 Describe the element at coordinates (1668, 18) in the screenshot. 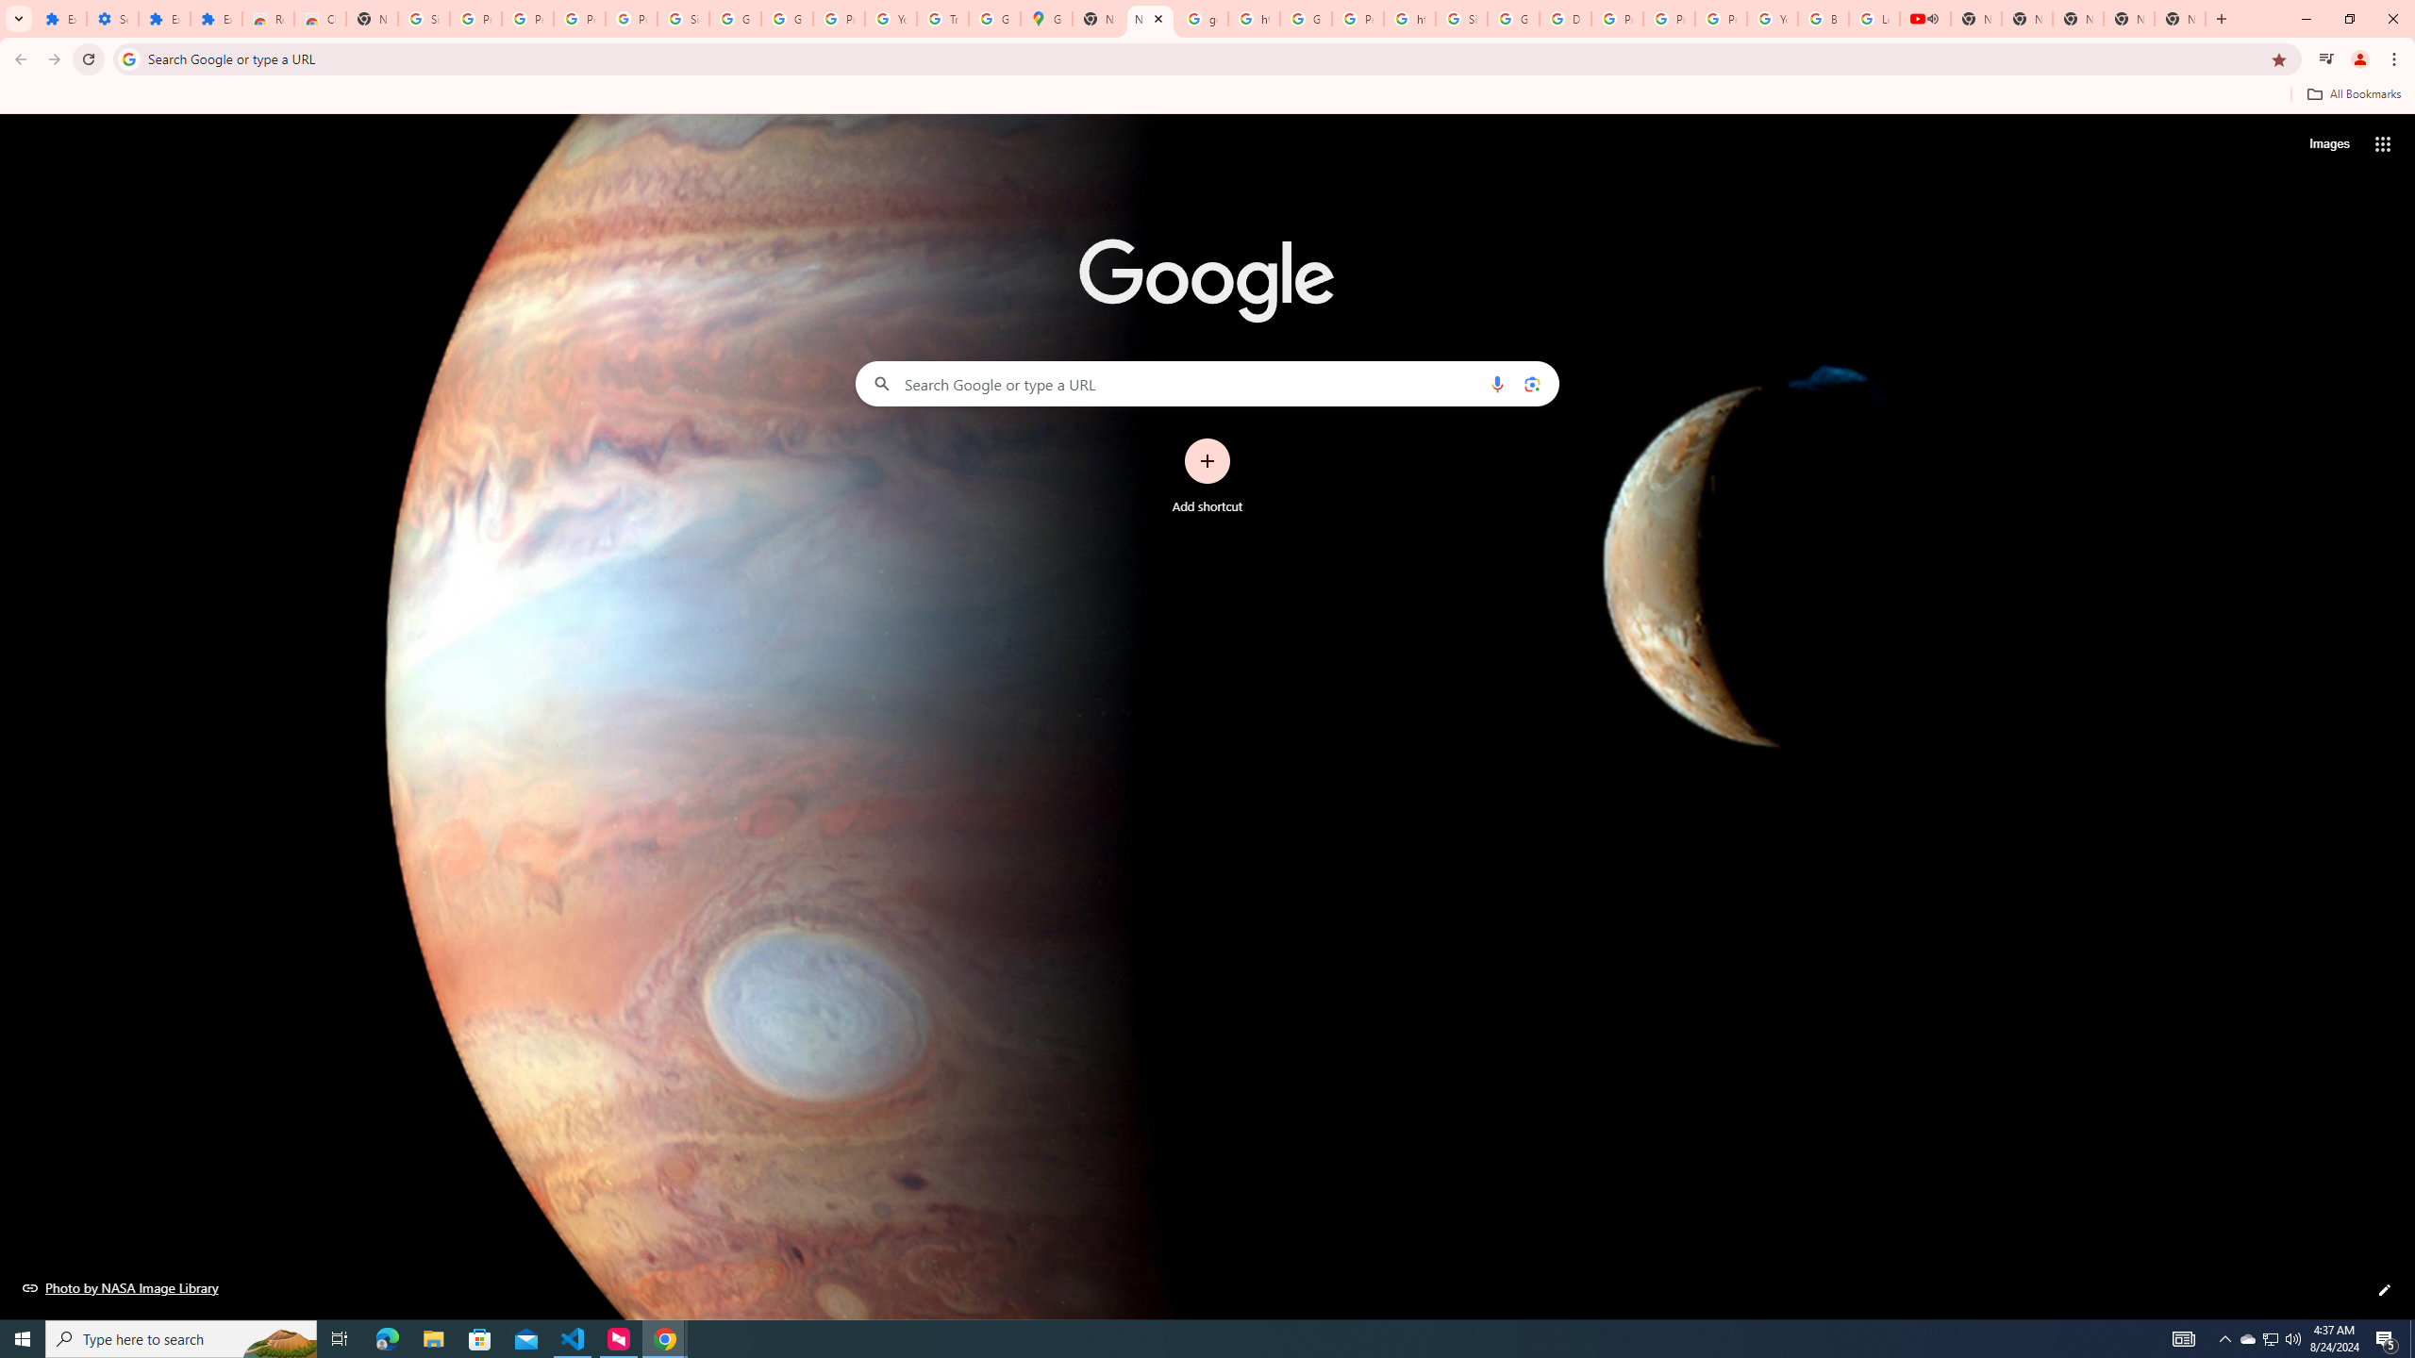

I see `'Privacy Help Center - Policies Help'` at that location.